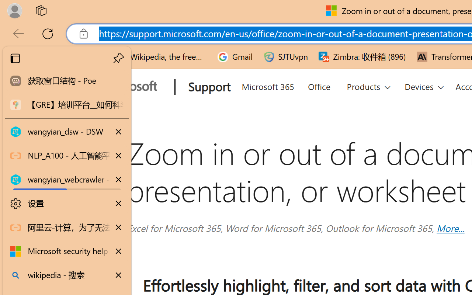 This screenshot has width=472, height=295. Describe the element at coordinates (207, 87) in the screenshot. I see `'Support'` at that location.